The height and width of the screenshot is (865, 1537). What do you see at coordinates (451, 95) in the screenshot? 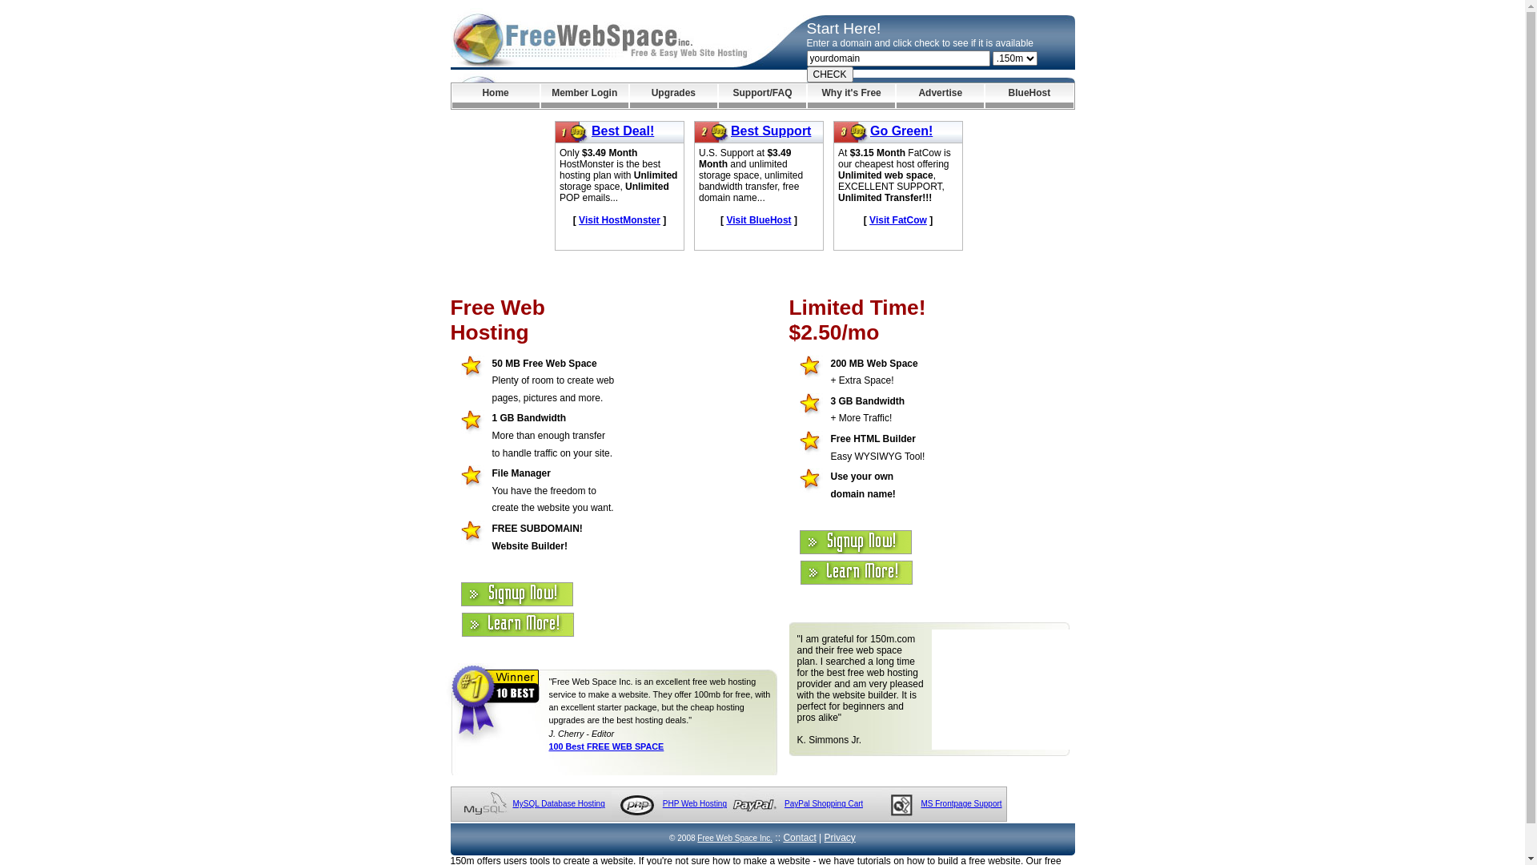
I see `'Home'` at bounding box center [451, 95].